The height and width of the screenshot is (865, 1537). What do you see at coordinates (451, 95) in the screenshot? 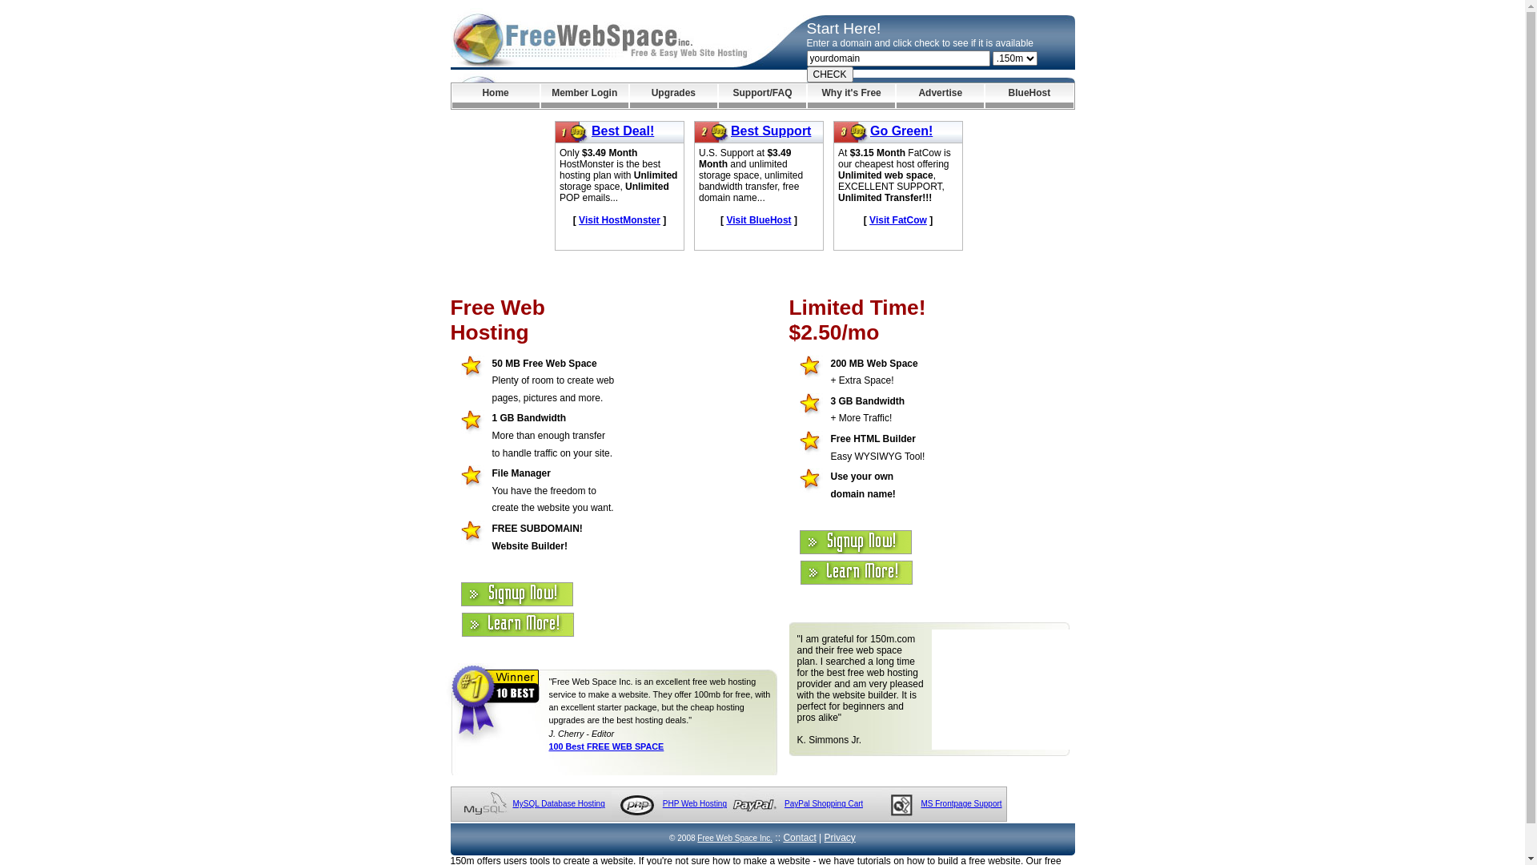
I see `'Home'` at bounding box center [451, 95].